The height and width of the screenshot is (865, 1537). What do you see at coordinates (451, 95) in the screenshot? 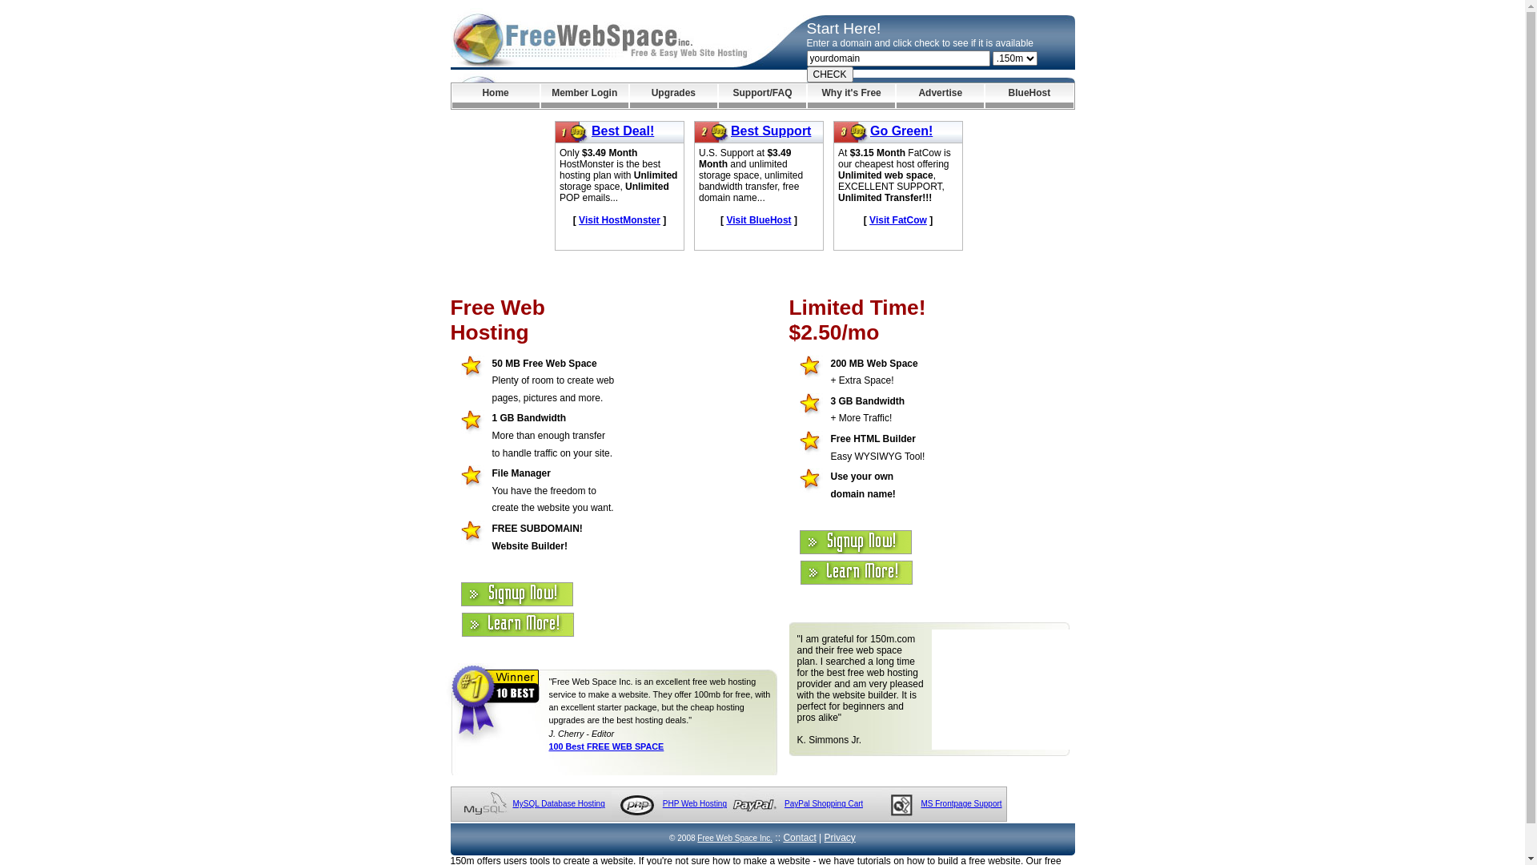
I see `'Home'` at bounding box center [451, 95].